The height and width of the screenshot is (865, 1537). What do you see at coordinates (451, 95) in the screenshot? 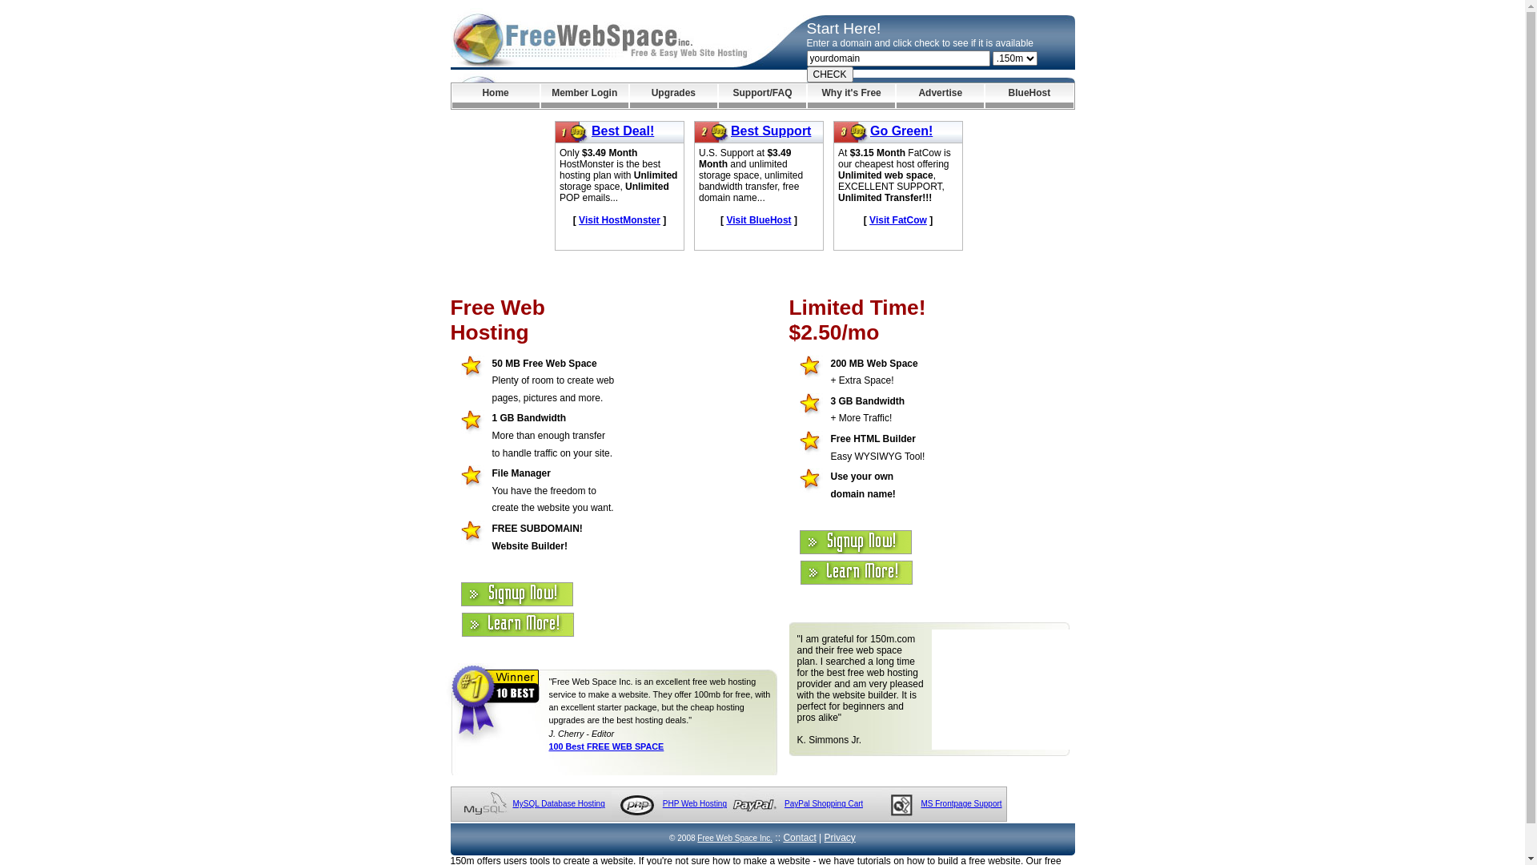
I see `'Home'` at bounding box center [451, 95].